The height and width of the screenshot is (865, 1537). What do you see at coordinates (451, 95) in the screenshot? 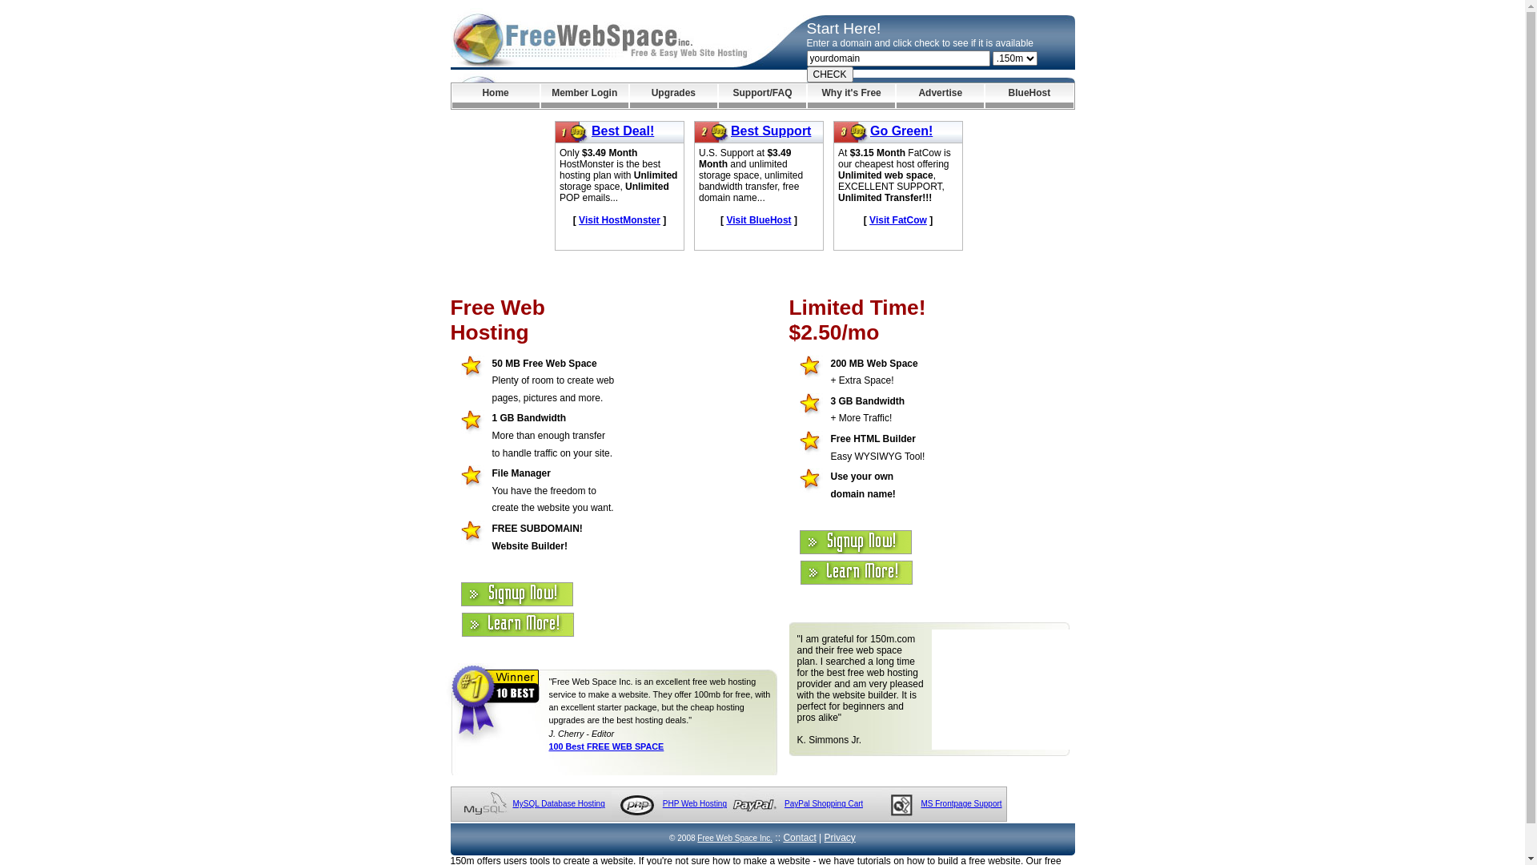
I see `'Home'` at bounding box center [451, 95].